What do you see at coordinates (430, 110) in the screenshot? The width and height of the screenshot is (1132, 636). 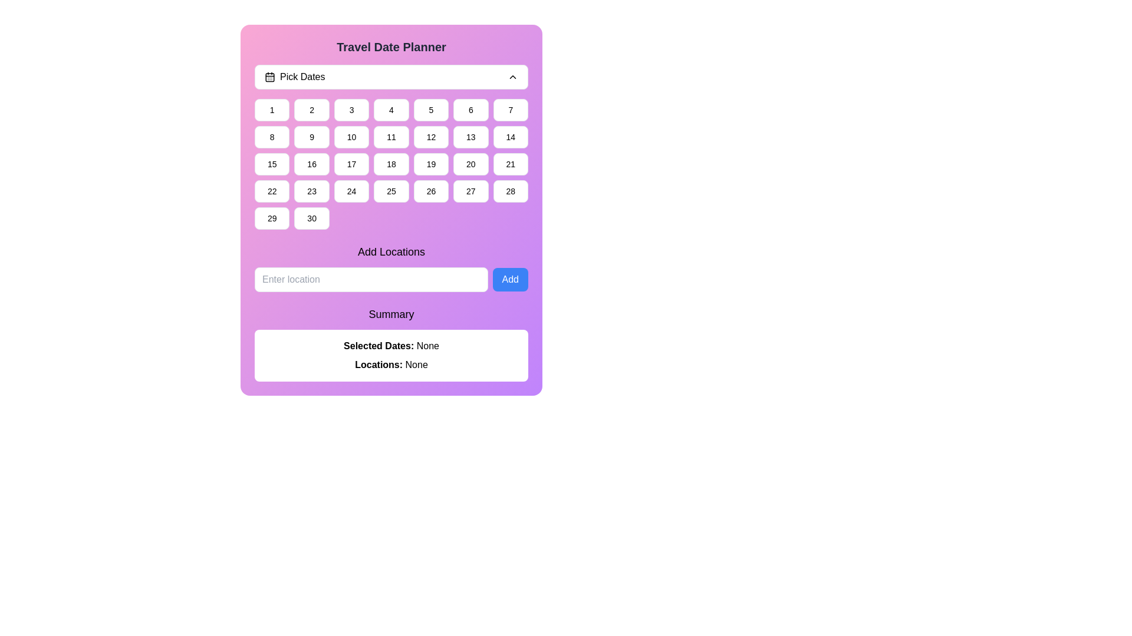 I see `the button for selecting the 5th date in the calendar interface under 'Pick Dates' in the 'Travel Date Planner'` at bounding box center [430, 110].